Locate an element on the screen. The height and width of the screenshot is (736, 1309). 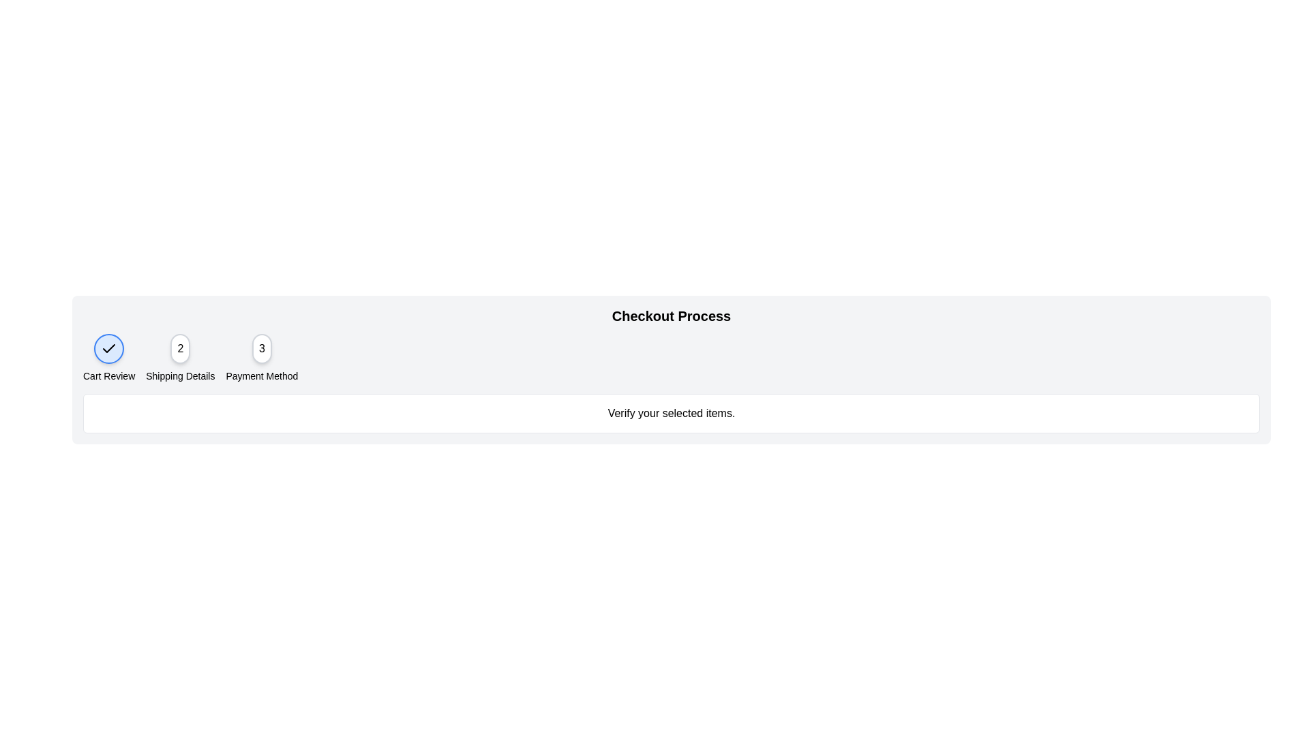
the step indicator button labeled '3', which is a small circle with a white background and a gray border is located at coordinates (262, 348).